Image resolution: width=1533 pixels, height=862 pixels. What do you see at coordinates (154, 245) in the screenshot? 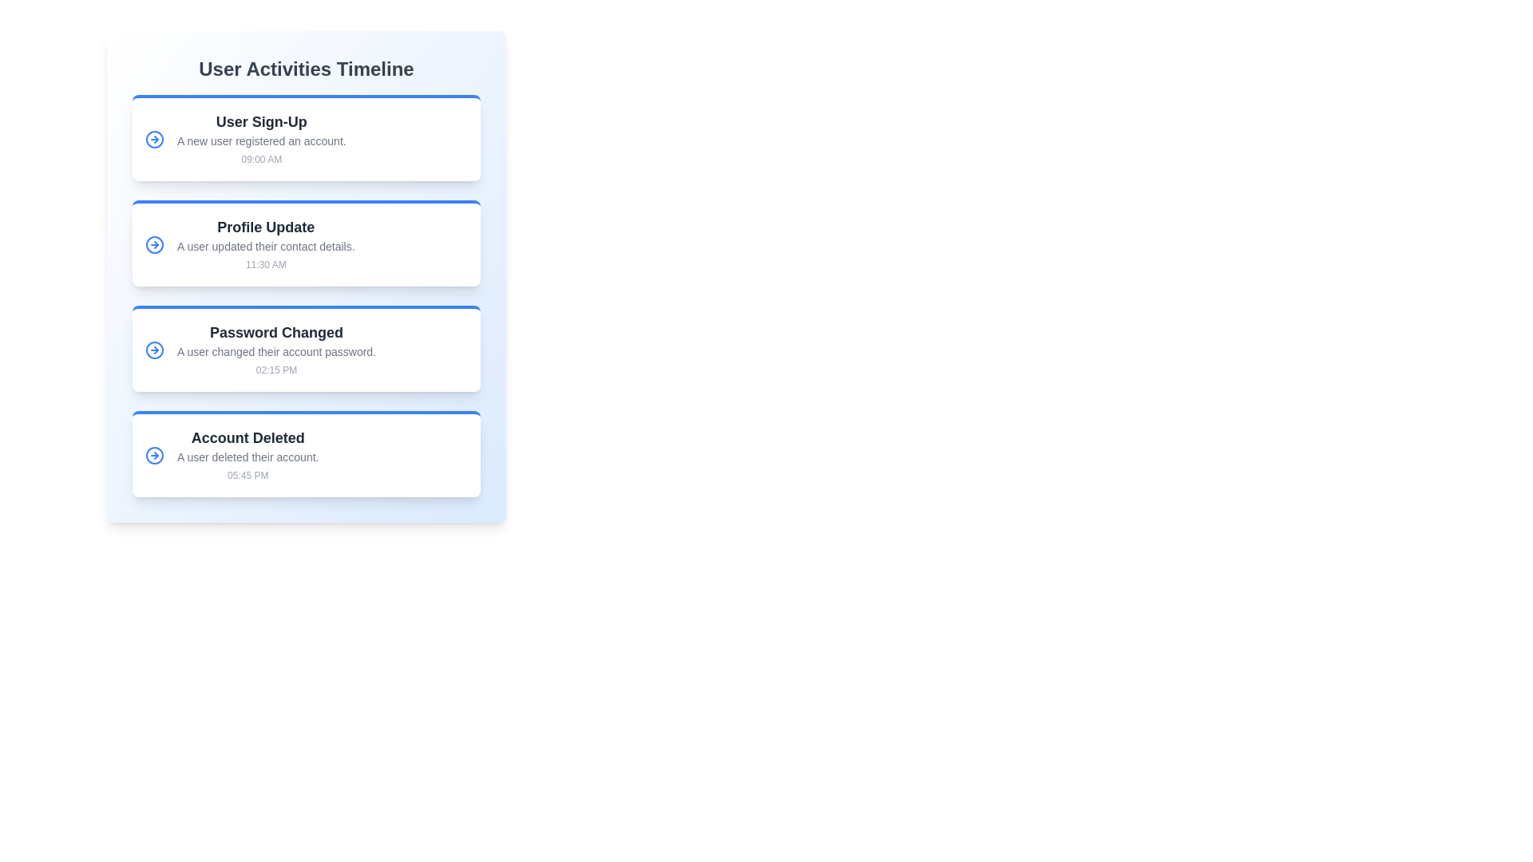
I see `the central circle of the circular arrow icon, which is styled with a thin, blue, rounded stroke and is located to the left of the 'Profile Update' text in the second activity box of the timeline interface` at bounding box center [154, 245].